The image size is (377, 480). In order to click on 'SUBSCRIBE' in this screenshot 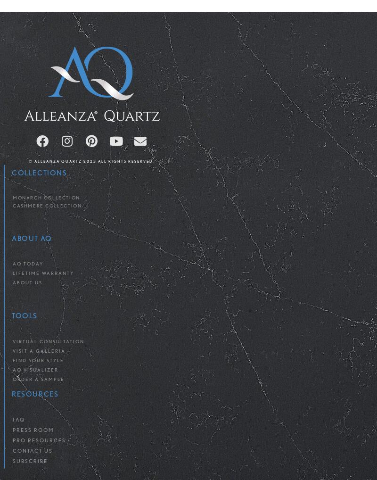, I will do `click(30, 461)`.